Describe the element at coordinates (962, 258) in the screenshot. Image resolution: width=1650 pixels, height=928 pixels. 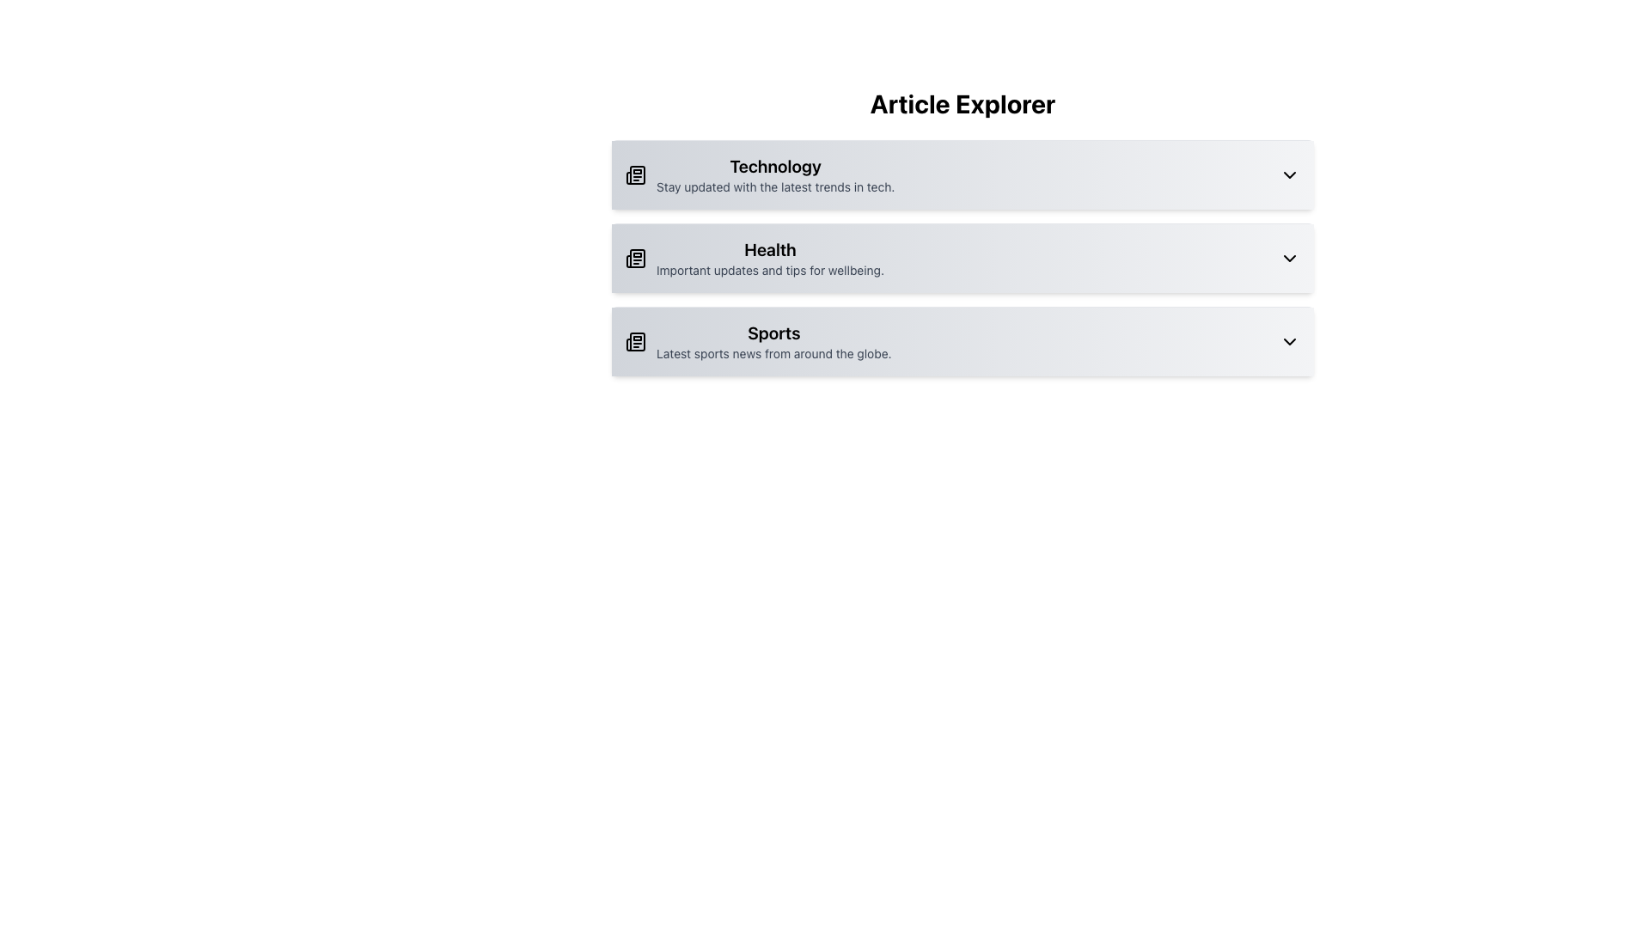
I see `the 'Health' selectable card` at that location.